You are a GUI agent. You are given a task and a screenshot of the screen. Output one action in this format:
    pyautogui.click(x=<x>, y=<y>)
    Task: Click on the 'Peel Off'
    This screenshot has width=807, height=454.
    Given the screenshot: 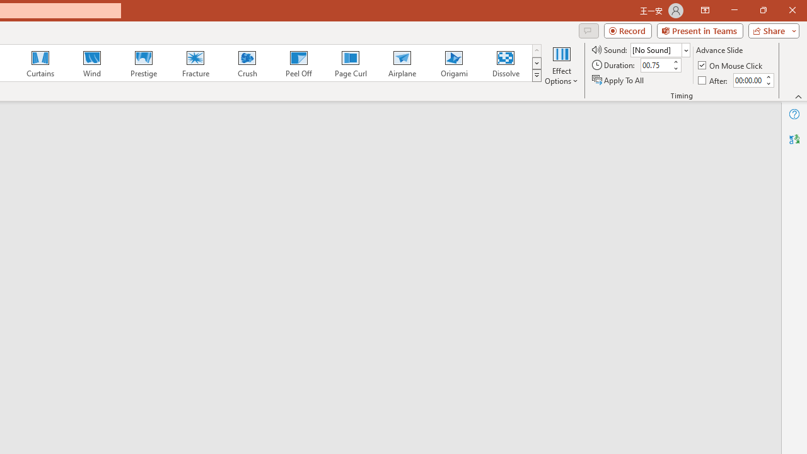 What is the action you would take?
    pyautogui.click(x=298, y=63)
    